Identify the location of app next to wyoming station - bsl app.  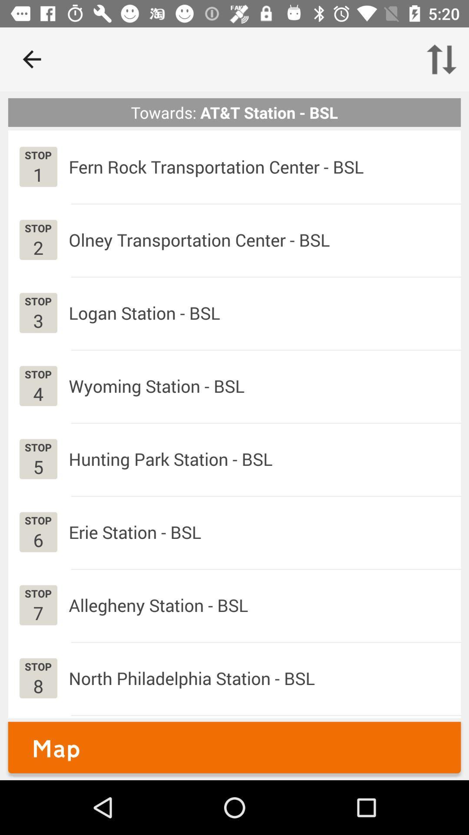
(38, 393).